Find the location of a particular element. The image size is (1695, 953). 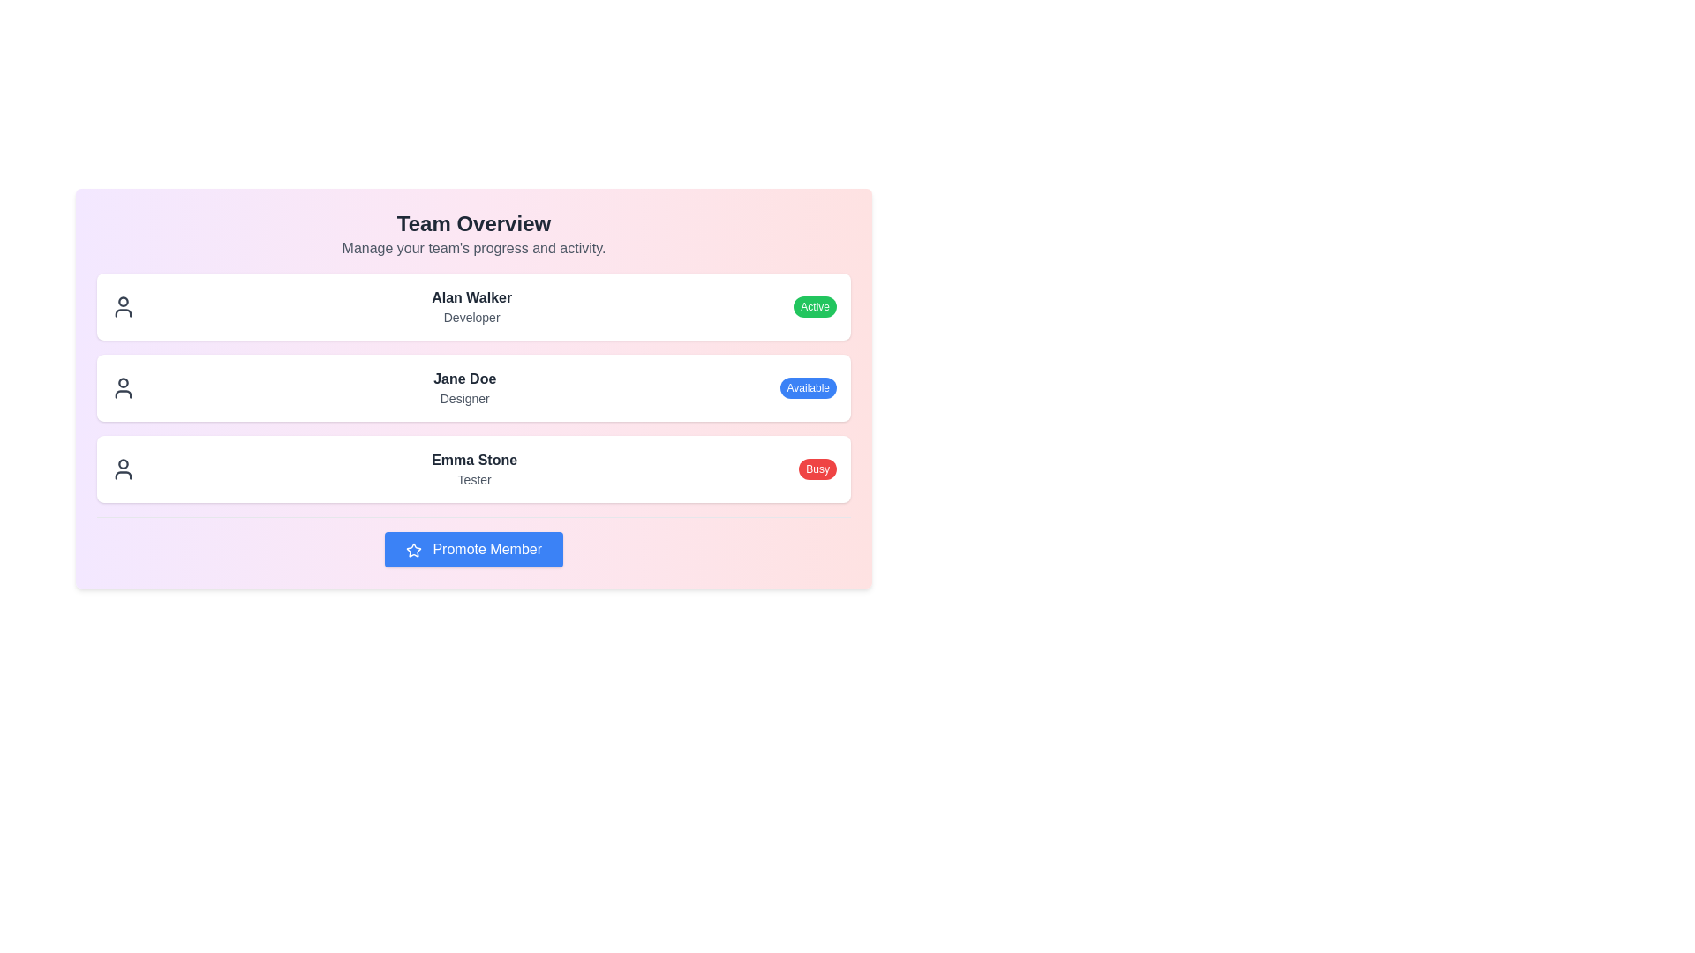

the section with a gradient background containing the heading 'Team Overview' is located at coordinates (474, 386).